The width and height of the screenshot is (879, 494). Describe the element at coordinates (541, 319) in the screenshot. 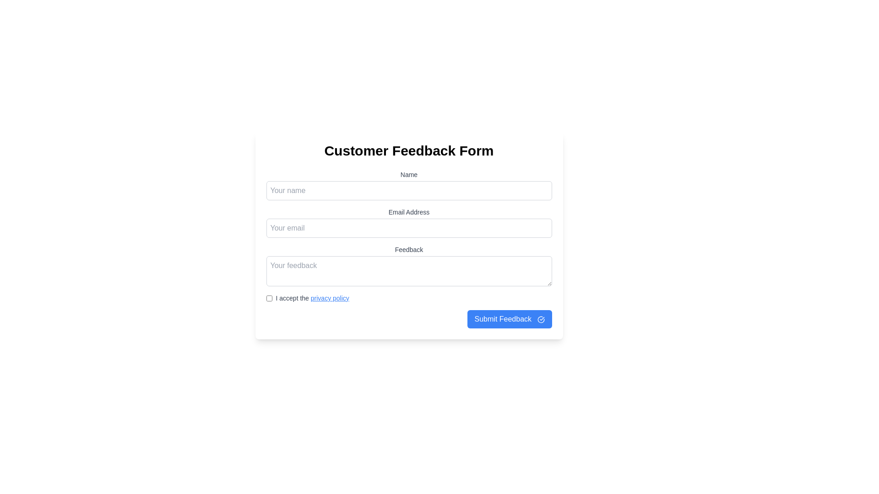

I see `the circular blue icon with a checkmark inside, located on the right edge of the 'Submit Feedback' button` at that location.